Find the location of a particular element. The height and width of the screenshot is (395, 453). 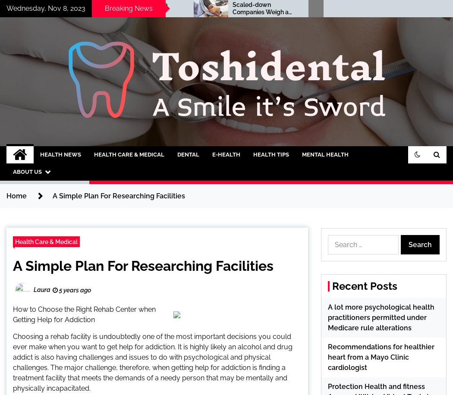

'A Smile it's Sword' is located at coordinates (6, 144).